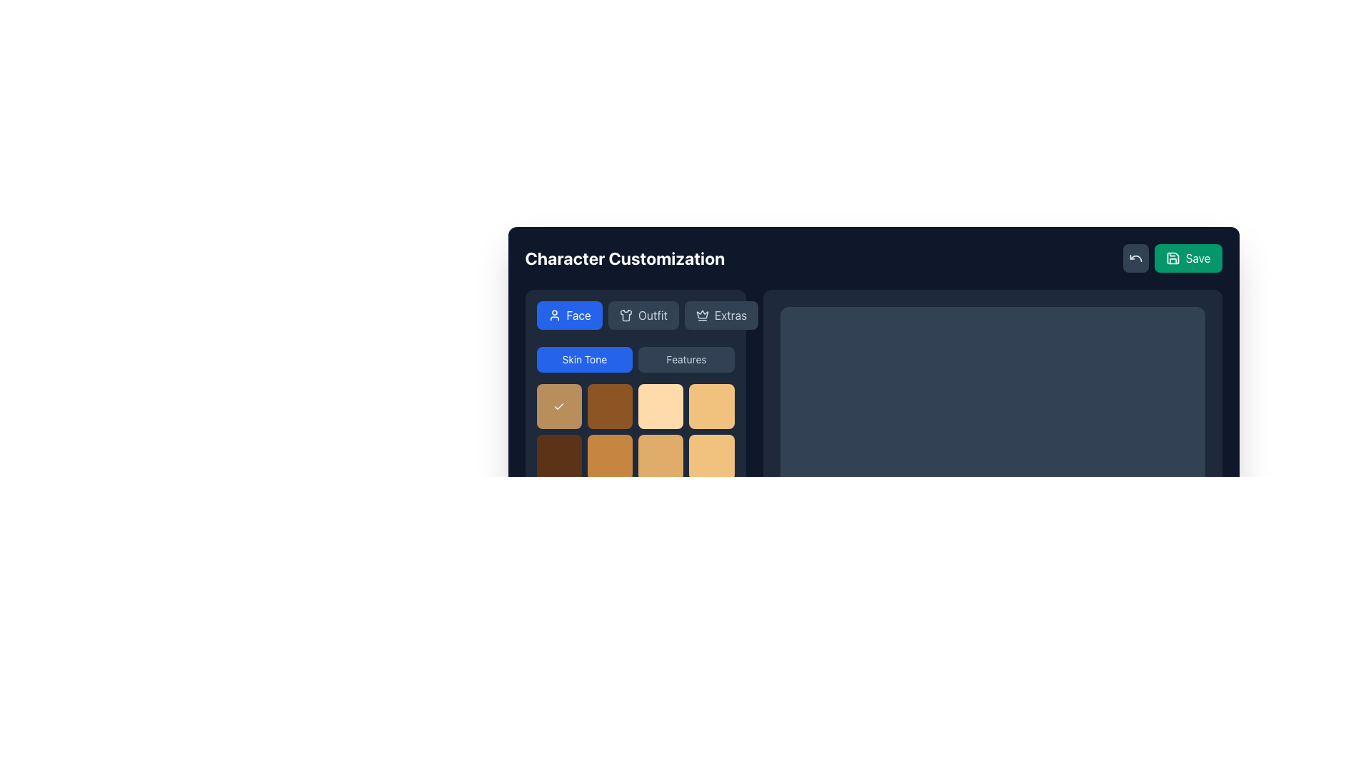 The height and width of the screenshot is (771, 1371). I want to click on the navigation bar with selectable buttons located directly below the 'Character Customization' header to navigate, so click(635, 315).